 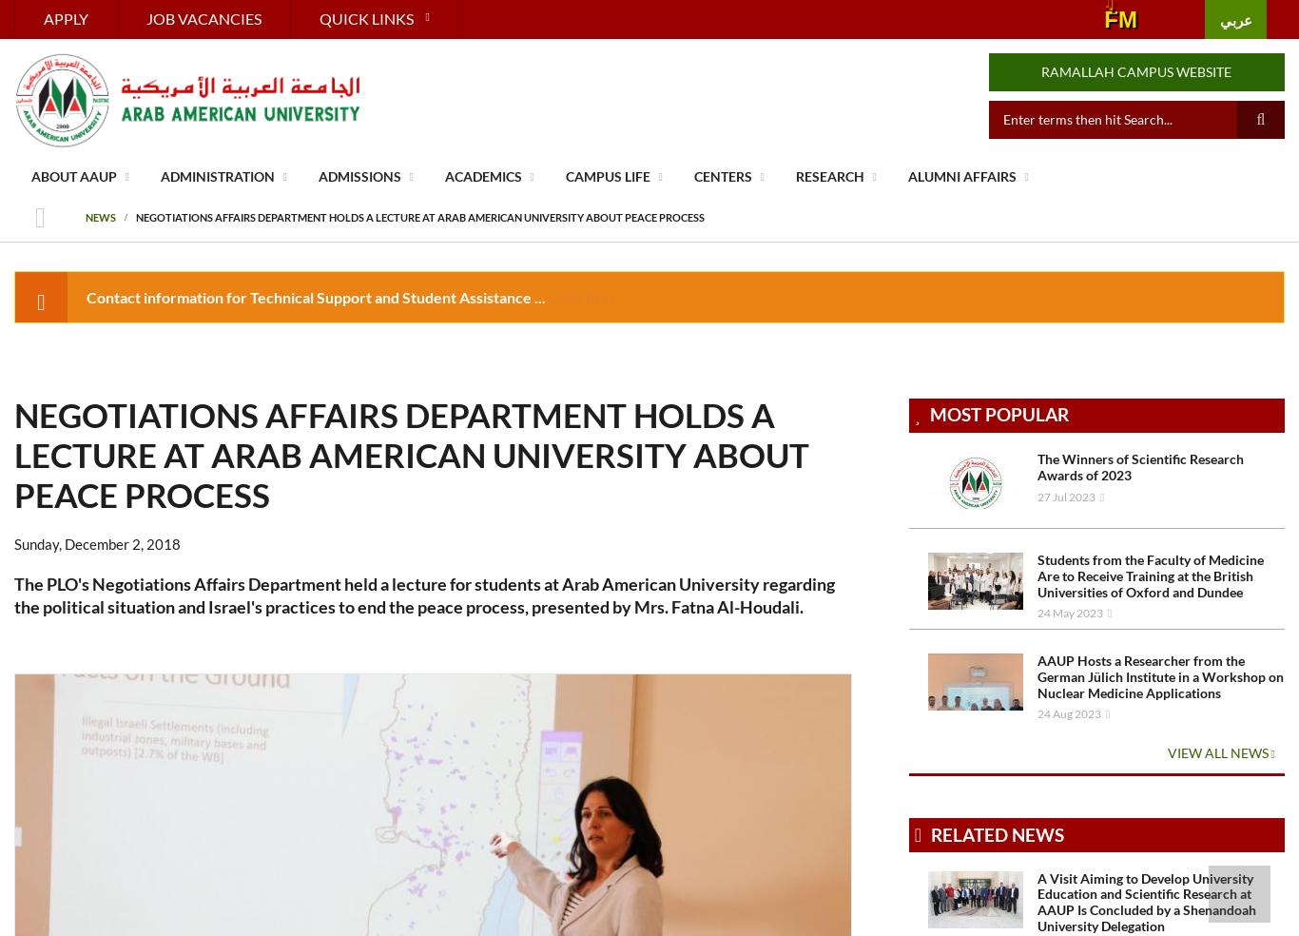 What do you see at coordinates (1217, 751) in the screenshot?
I see `'View all News'` at bounding box center [1217, 751].